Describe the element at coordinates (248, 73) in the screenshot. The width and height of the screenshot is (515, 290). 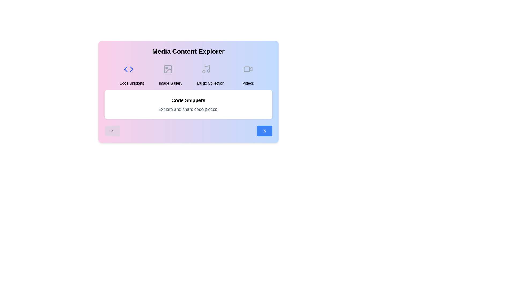
I see `the category Videos to view its description` at that location.